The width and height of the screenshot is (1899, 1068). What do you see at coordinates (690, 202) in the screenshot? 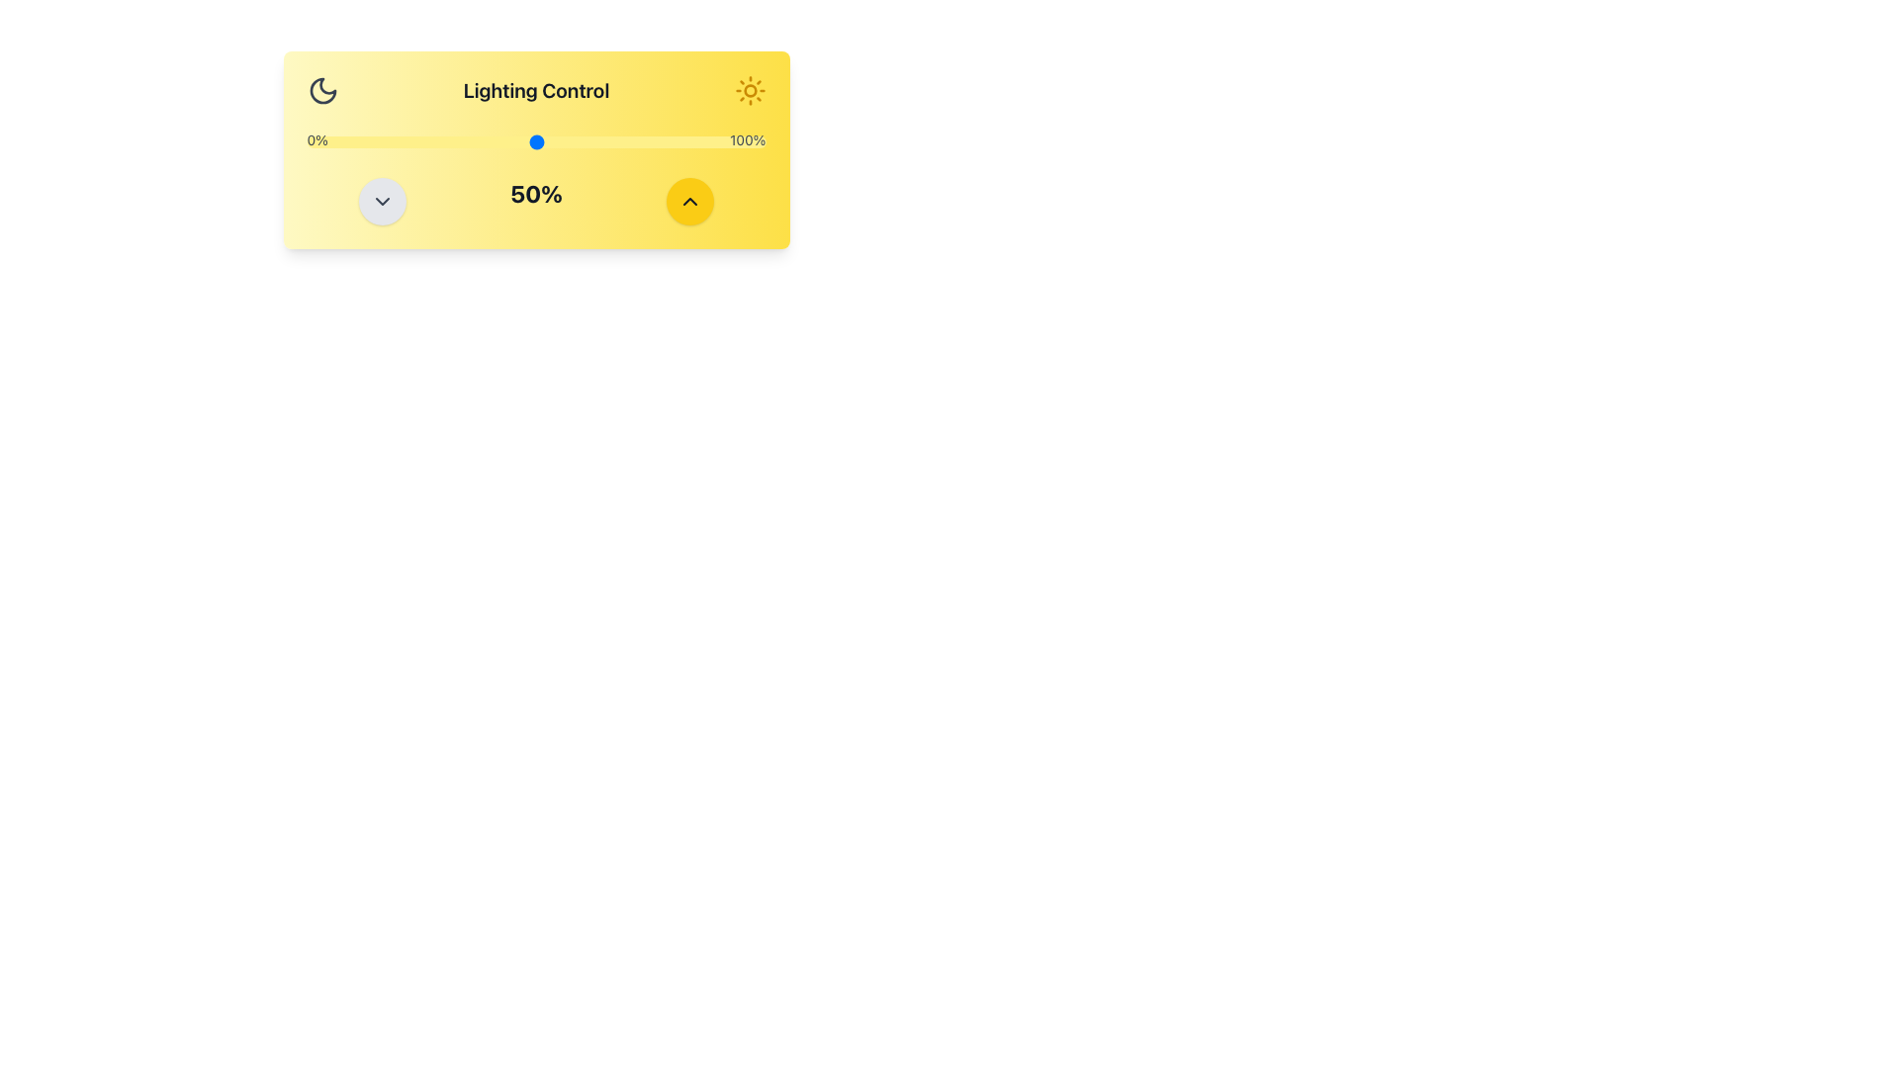
I see `the rightmost circular button with a yellow background and an upward-facing chevron icon, positioned to the right of the text '50%', for interaction` at bounding box center [690, 202].